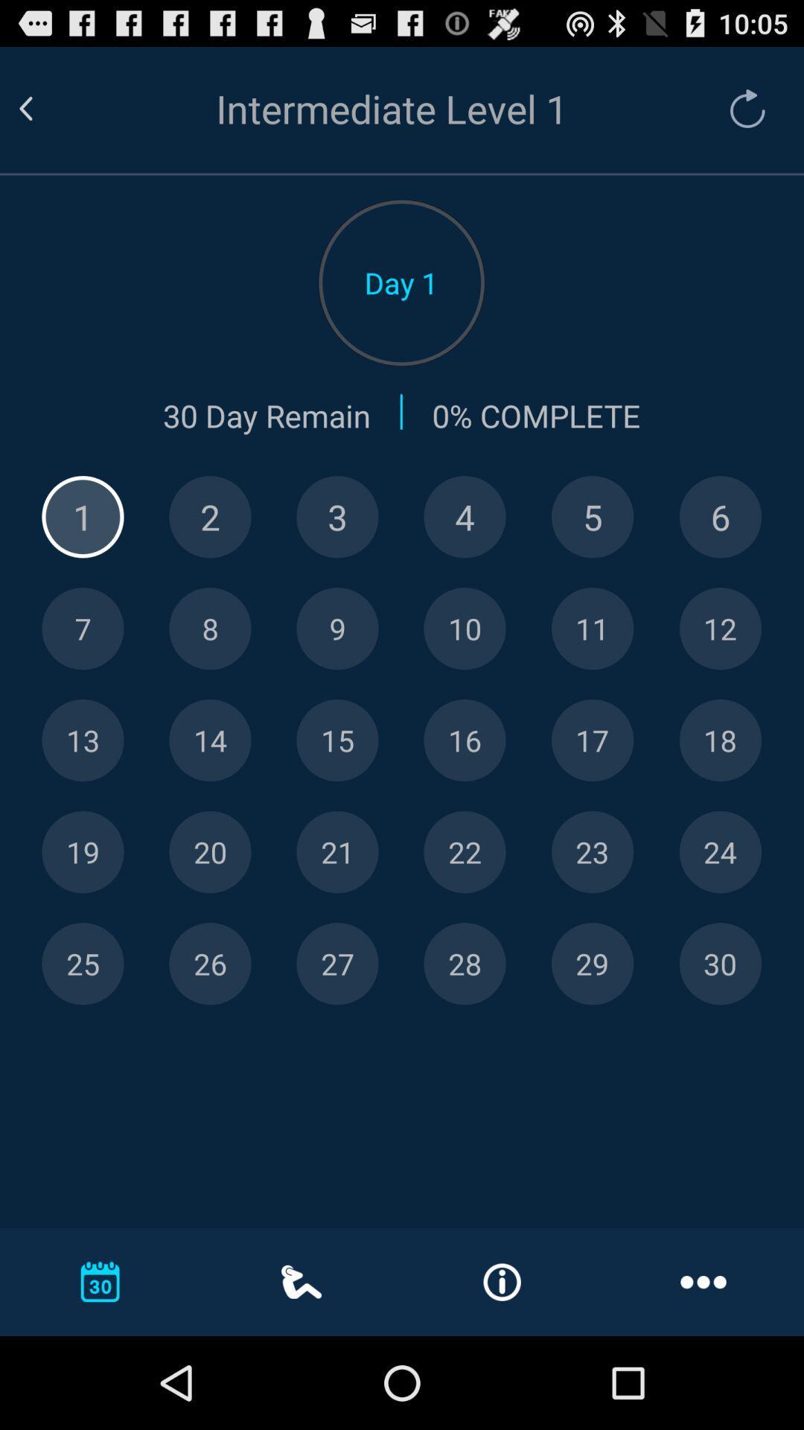 Image resolution: width=804 pixels, height=1430 pixels. I want to click on thirteen number, so click(83, 740).